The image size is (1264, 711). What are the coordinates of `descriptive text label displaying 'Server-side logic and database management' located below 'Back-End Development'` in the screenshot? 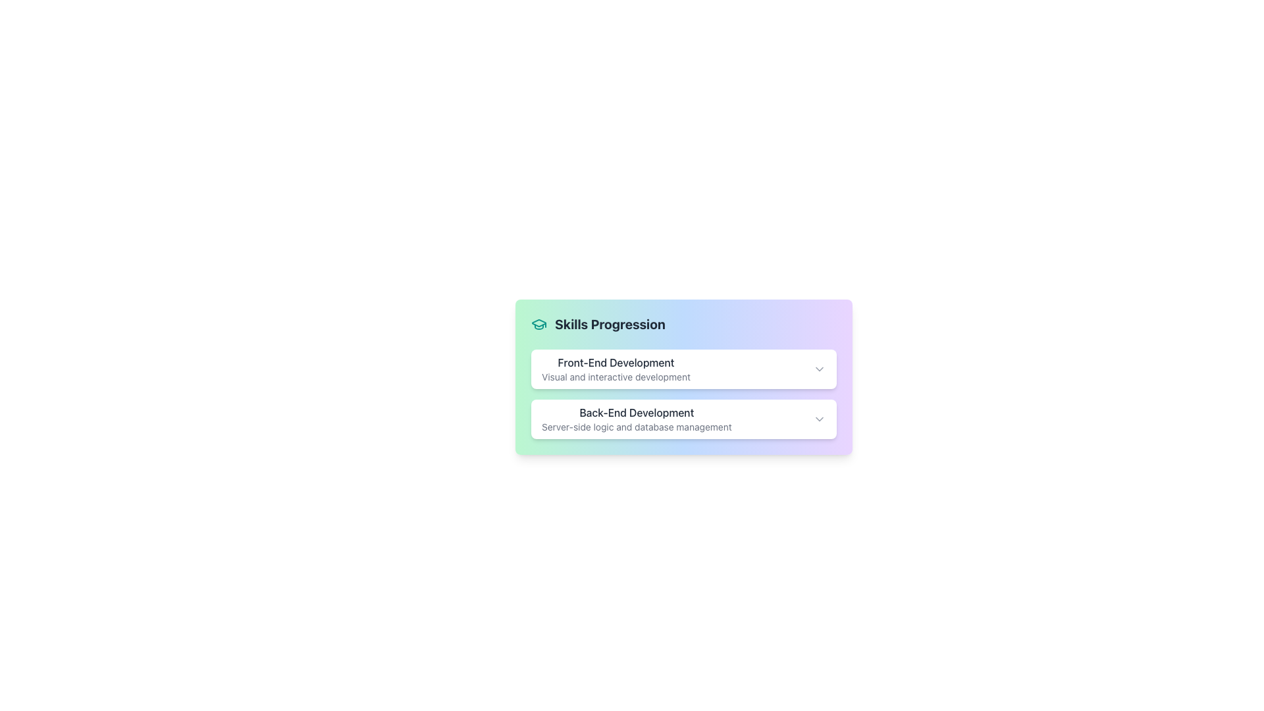 It's located at (637, 427).